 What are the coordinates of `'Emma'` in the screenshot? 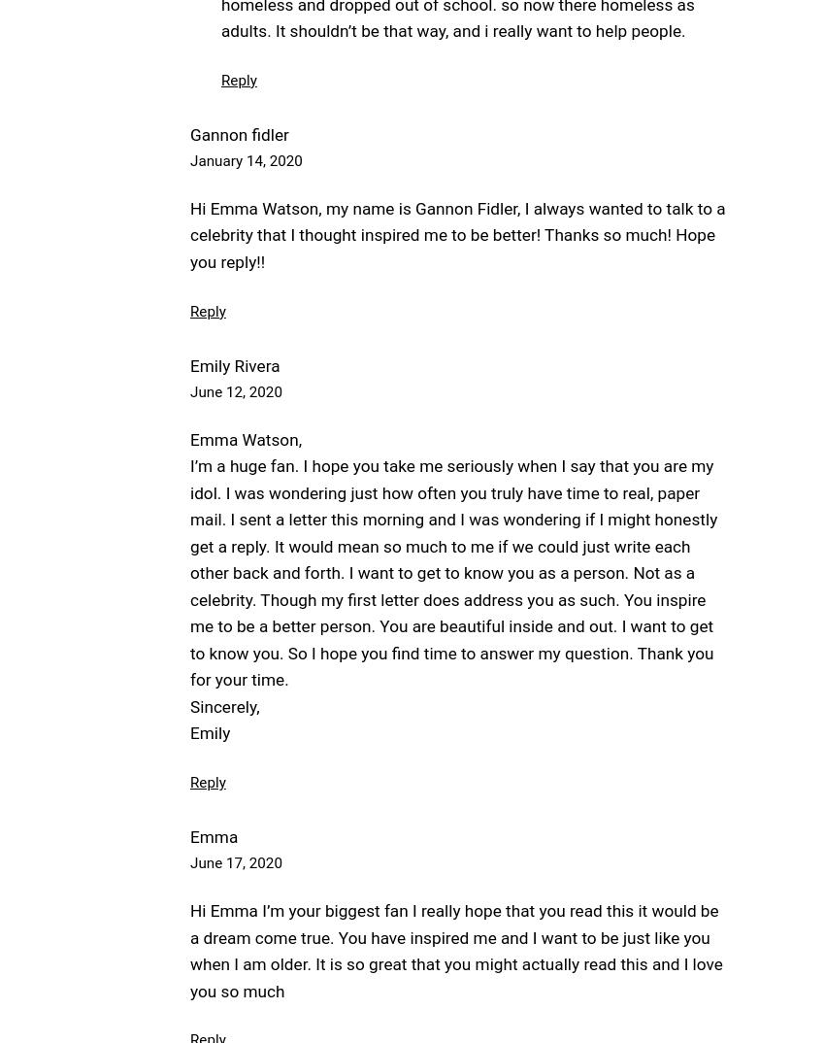 It's located at (214, 835).